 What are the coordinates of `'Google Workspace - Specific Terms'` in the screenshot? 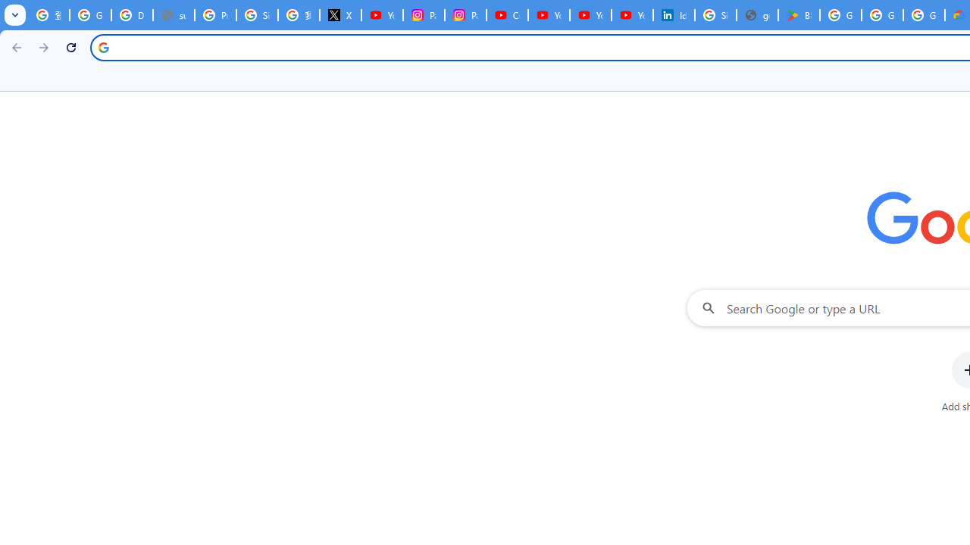 It's located at (882, 15).